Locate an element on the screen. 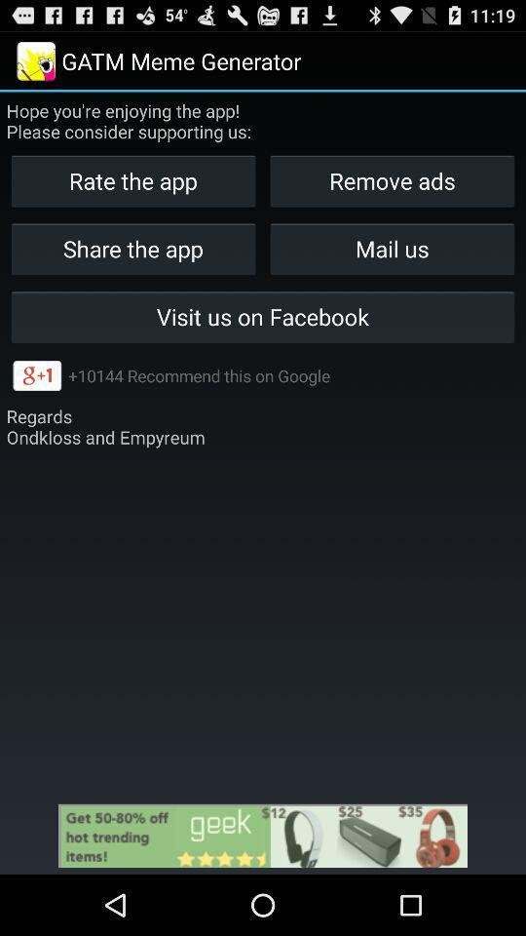 This screenshot has height=936, width=526. share the article is located at coordinates (263, 835).